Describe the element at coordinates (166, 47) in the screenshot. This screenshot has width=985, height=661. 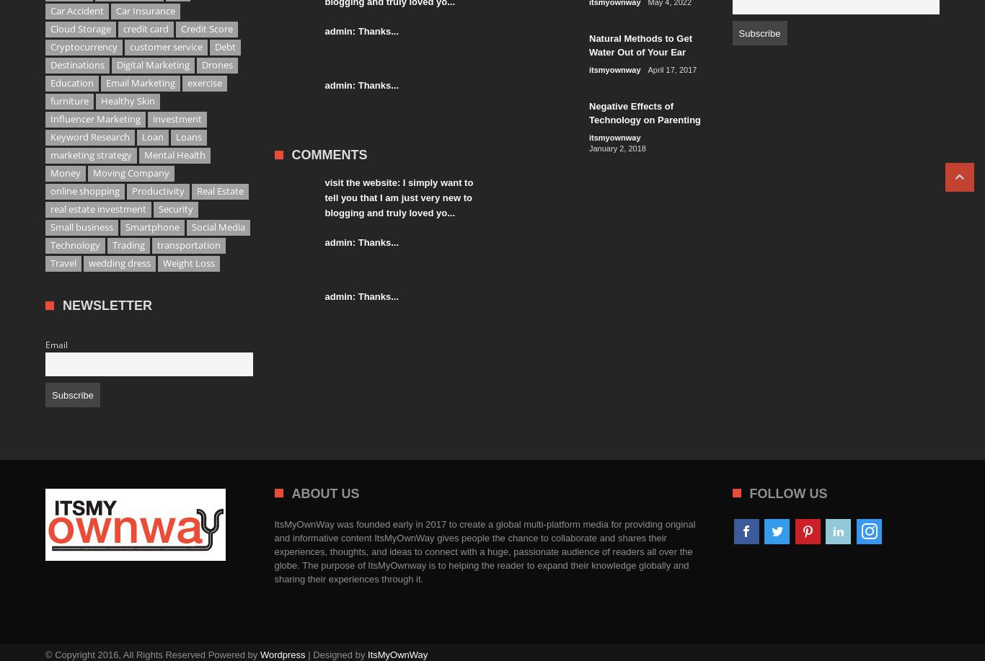
I see `'customer service'` at that location.